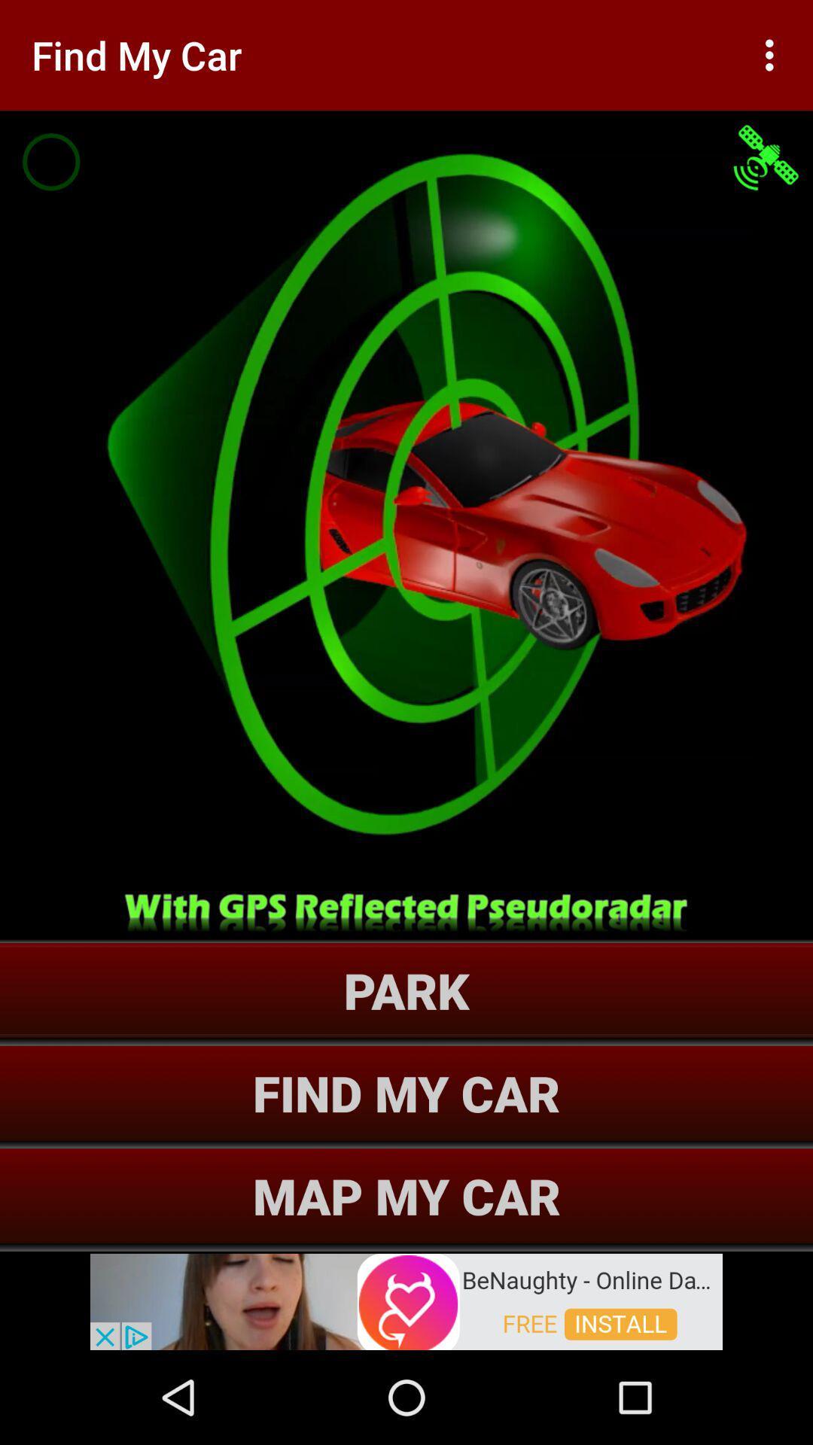 The image size is (813, 1445). Describe the element at coordinates (406, 1300) in the screenshot. I see `open advertisement` at that location.